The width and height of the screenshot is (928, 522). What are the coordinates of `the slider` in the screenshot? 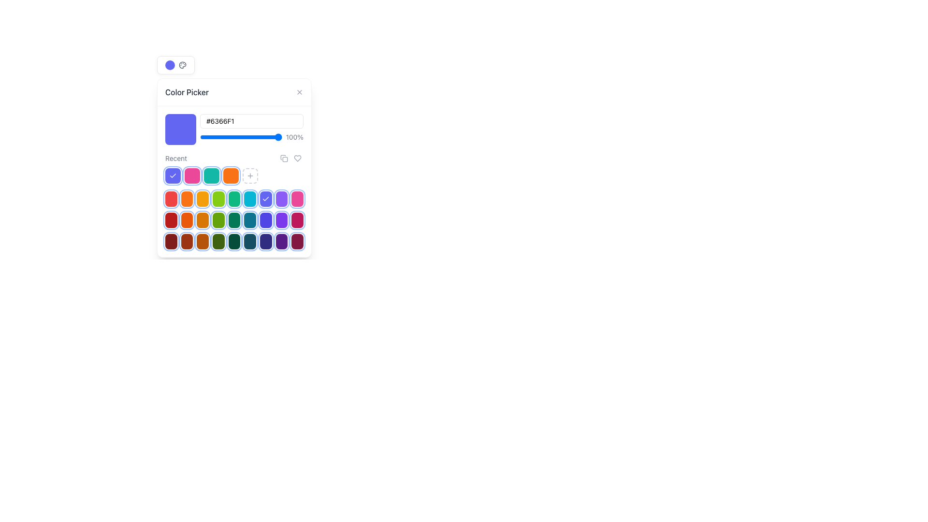 It's located at (231, 137).